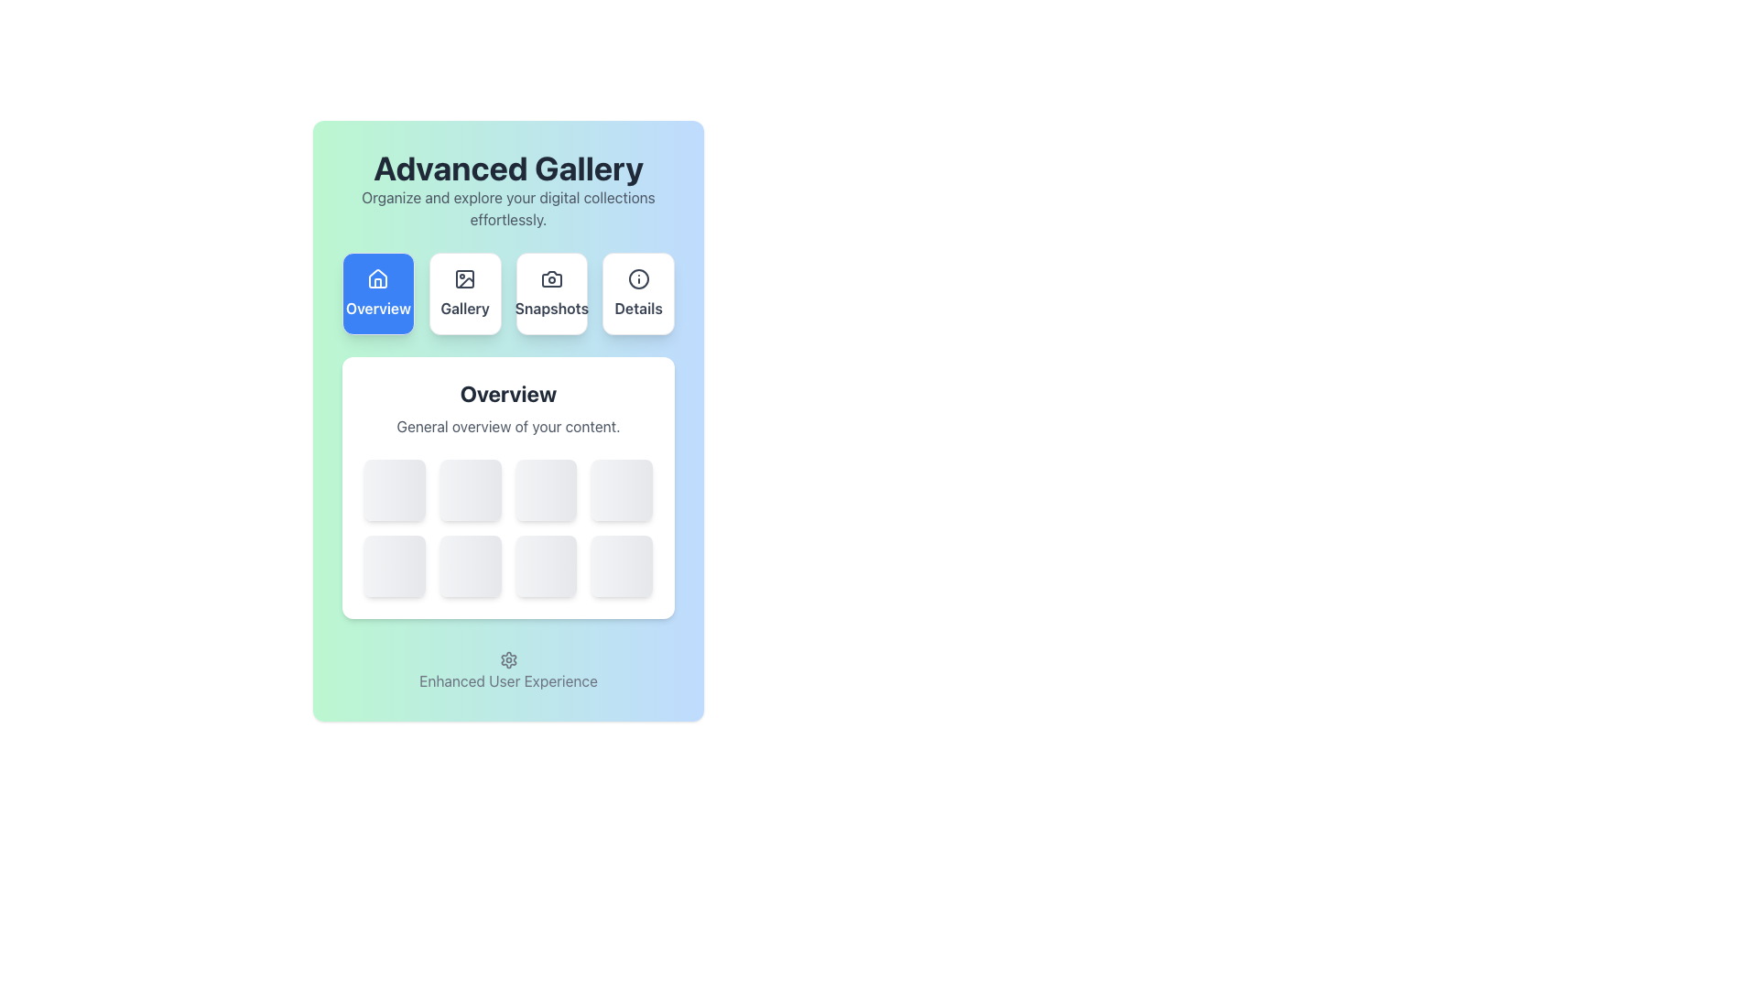 The image size is (1758, 989). I want to click on the square placeholders within the Overview panel, which has a white background and is centered below the navigation section, so click(508, 486).